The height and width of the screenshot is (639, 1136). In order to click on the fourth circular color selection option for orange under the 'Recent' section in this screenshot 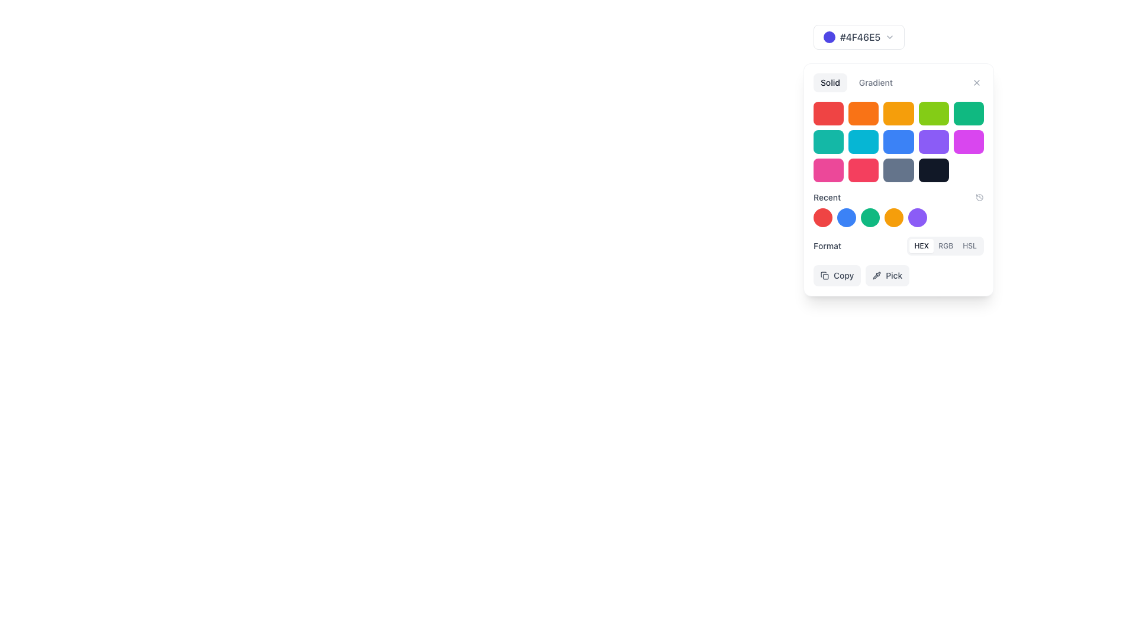, I will do `click(898, 217)`.